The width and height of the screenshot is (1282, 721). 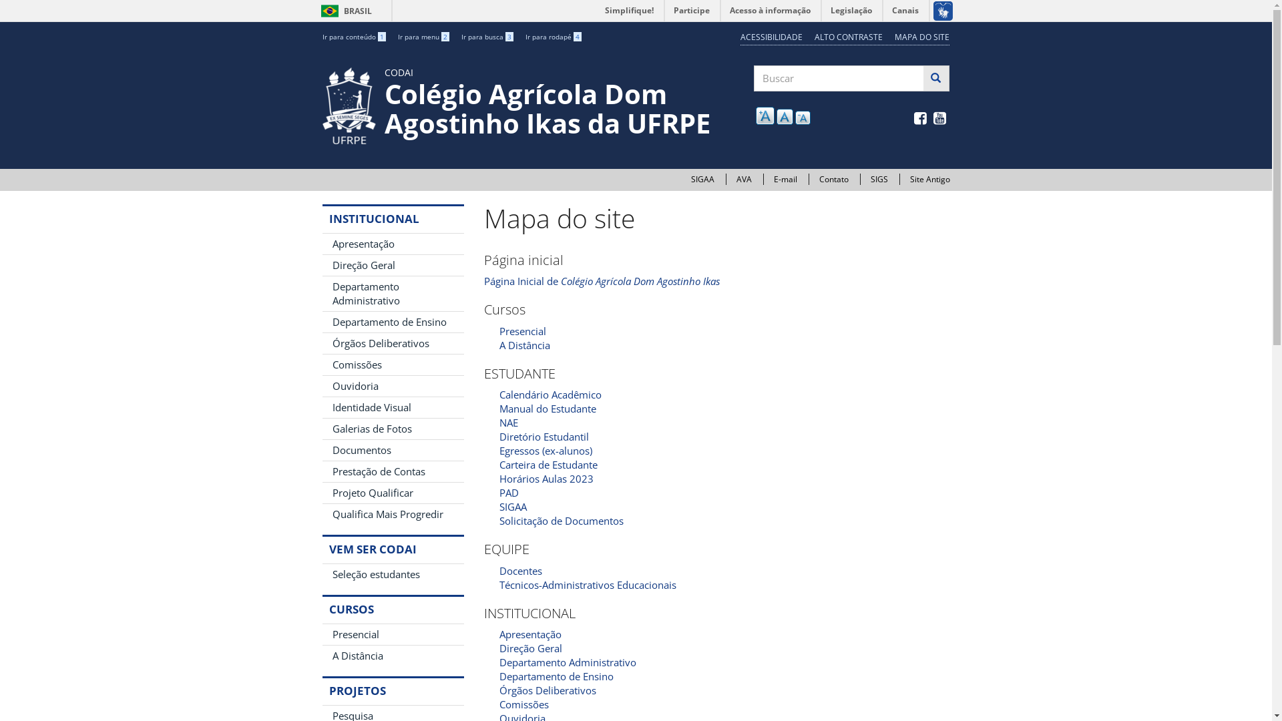 I want to click on 'Contato', so click(x=833, y=178).